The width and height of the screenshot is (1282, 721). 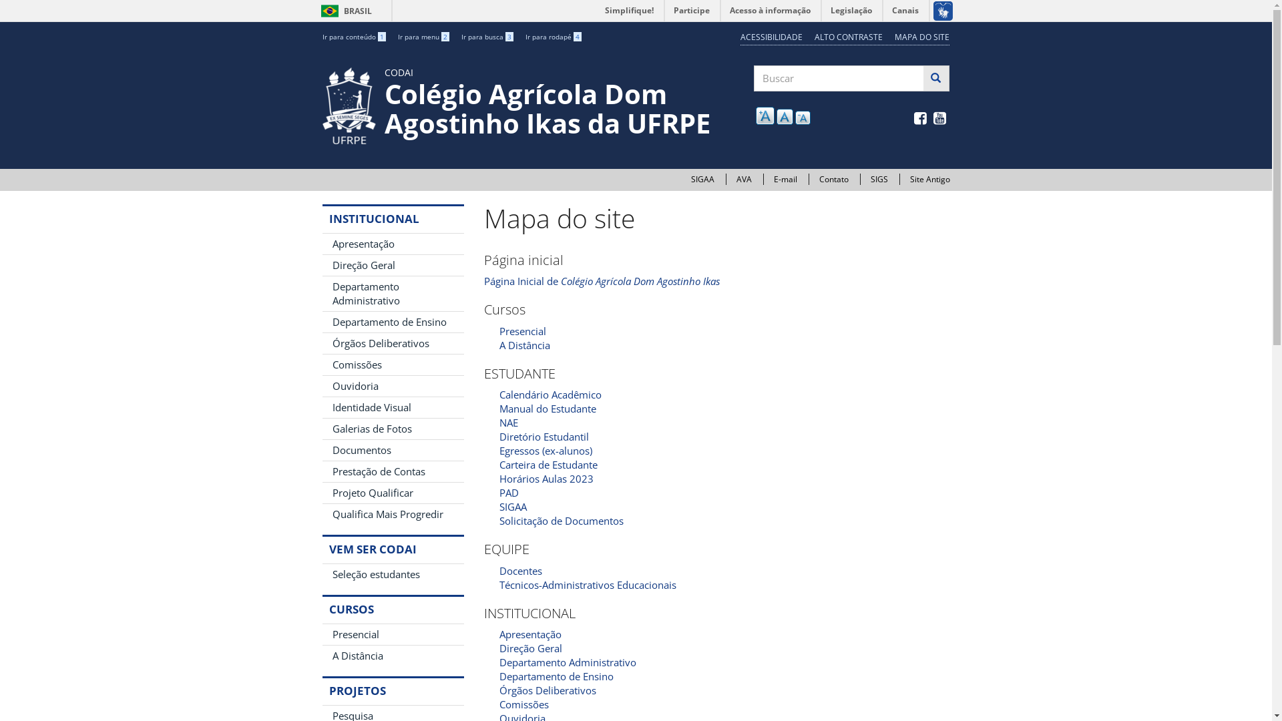 I want to click on 'Contato', so click(x=833, y=178).